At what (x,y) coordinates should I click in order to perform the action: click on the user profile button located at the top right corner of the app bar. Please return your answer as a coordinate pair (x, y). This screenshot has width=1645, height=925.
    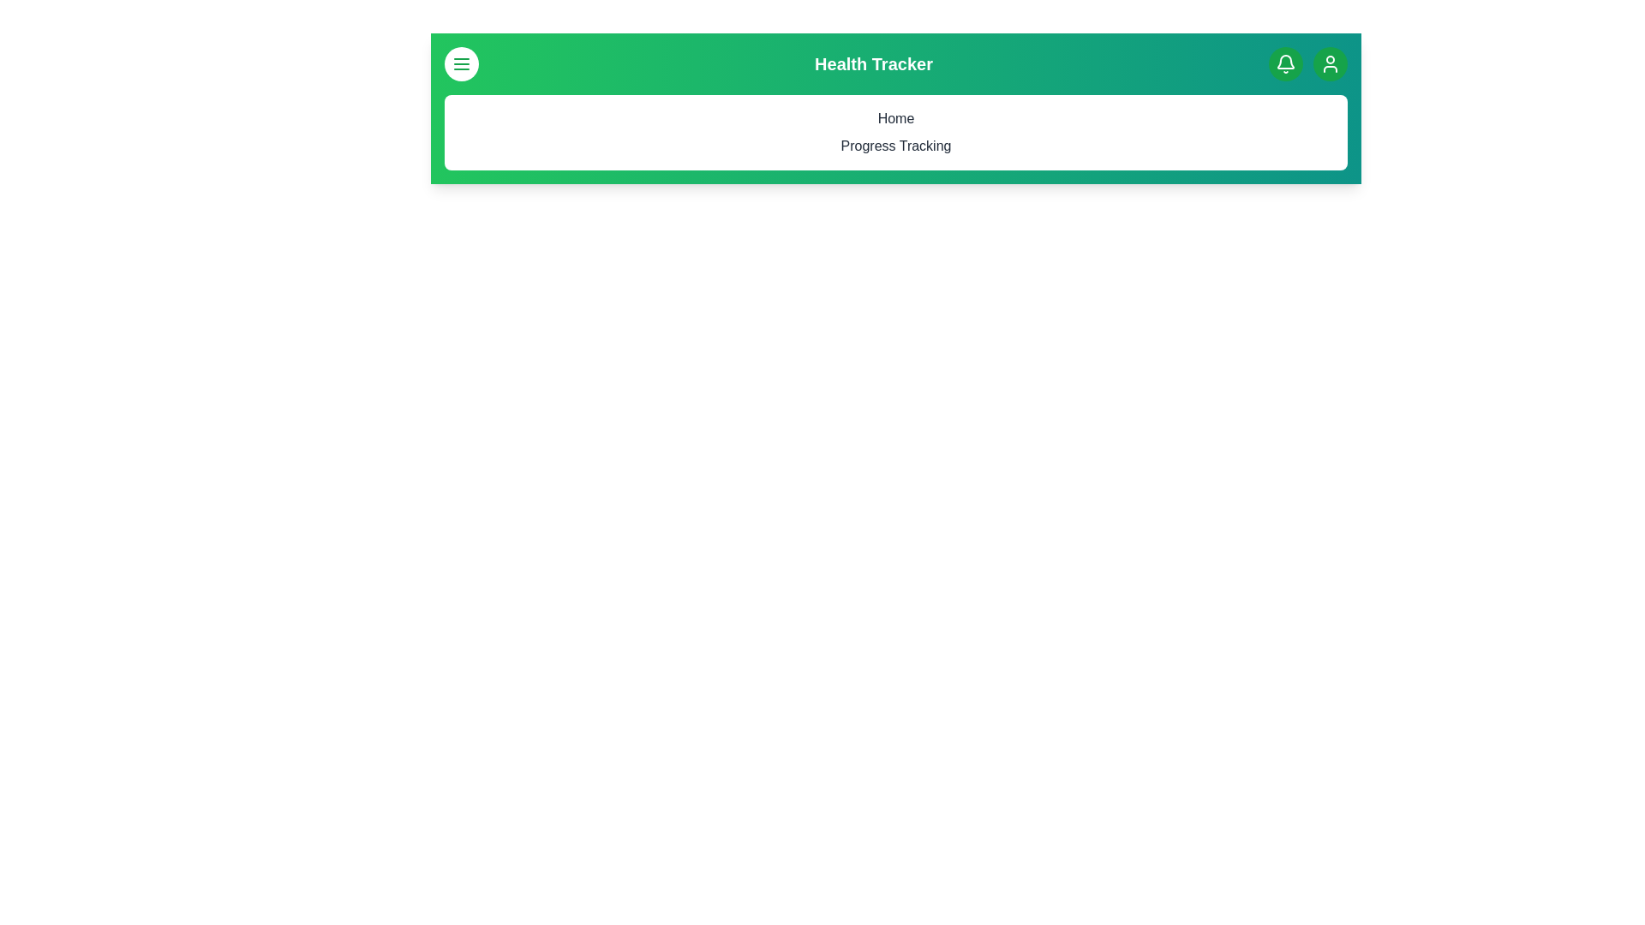
    Looking at the image, I should click on (1329, 63).